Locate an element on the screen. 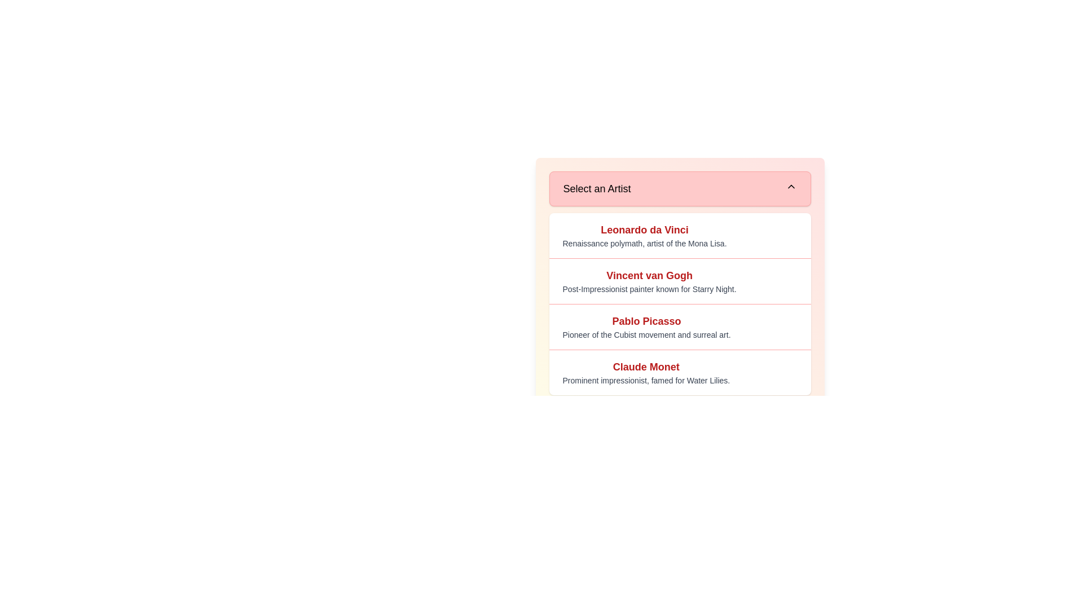  the Dropdown toggle button for selecting or interacting with a list of artists via keyboard navigation is located at coordinates (679, 188).